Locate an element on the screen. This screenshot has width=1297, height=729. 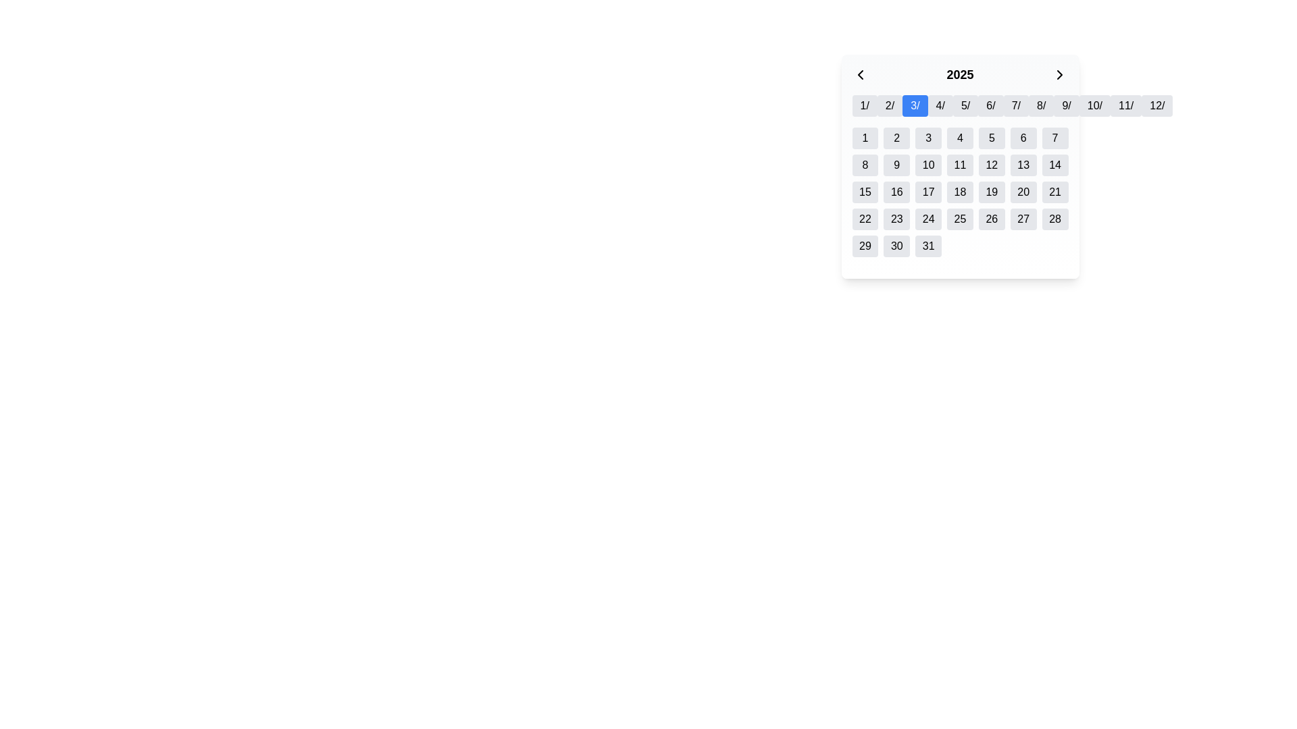
the 'November' button in the month-selection menu of the calendar interface is located at coordinates (1125, 105).